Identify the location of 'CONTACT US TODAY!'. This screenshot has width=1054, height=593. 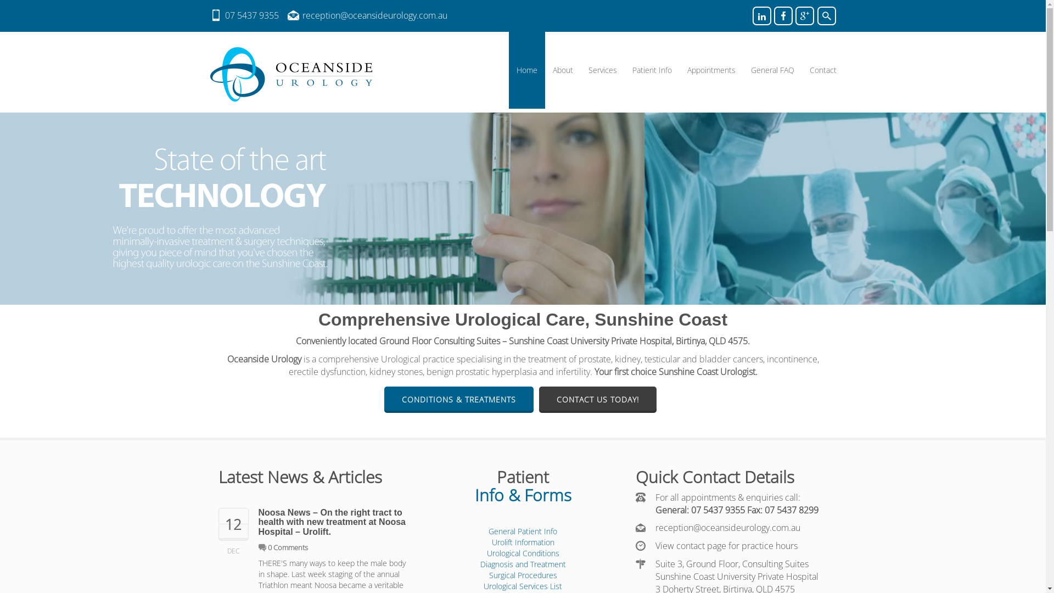
(597, 399).